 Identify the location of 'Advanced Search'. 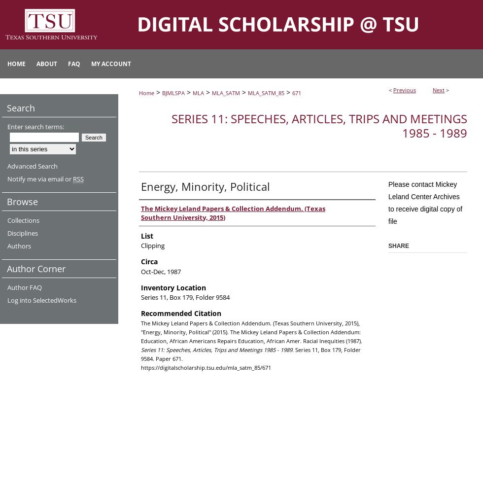
(32, 166).